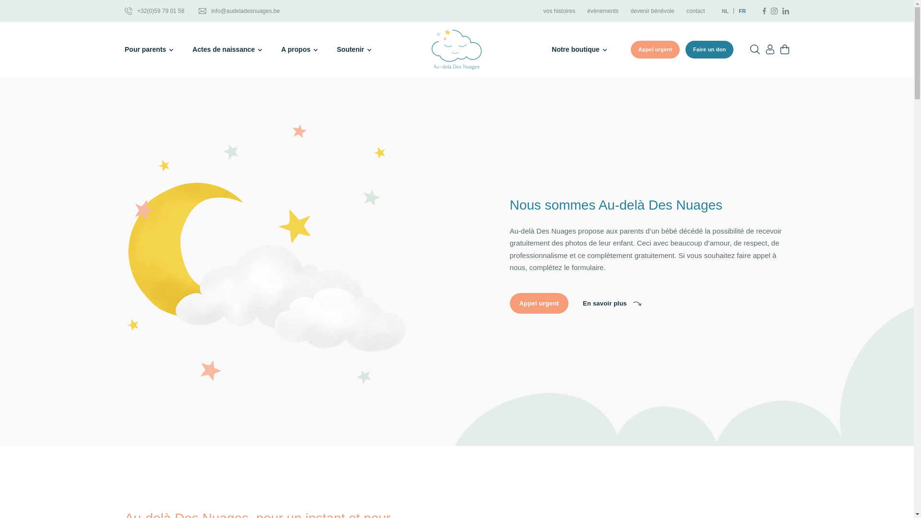 This screenshot has width=921, height=518. I want to click on '+32(0)59 79 01 58', so click(124, 11).